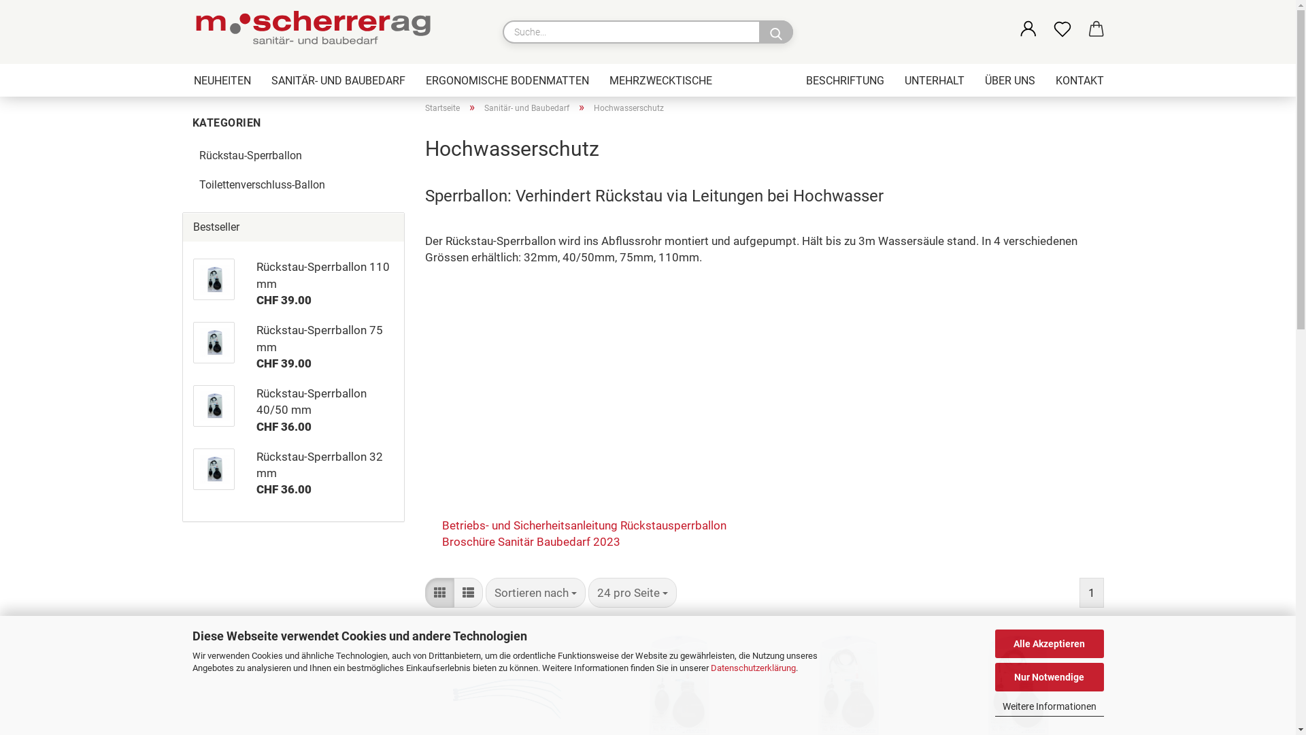  I want to click on 'KONTAKT', so click(1044, 80).